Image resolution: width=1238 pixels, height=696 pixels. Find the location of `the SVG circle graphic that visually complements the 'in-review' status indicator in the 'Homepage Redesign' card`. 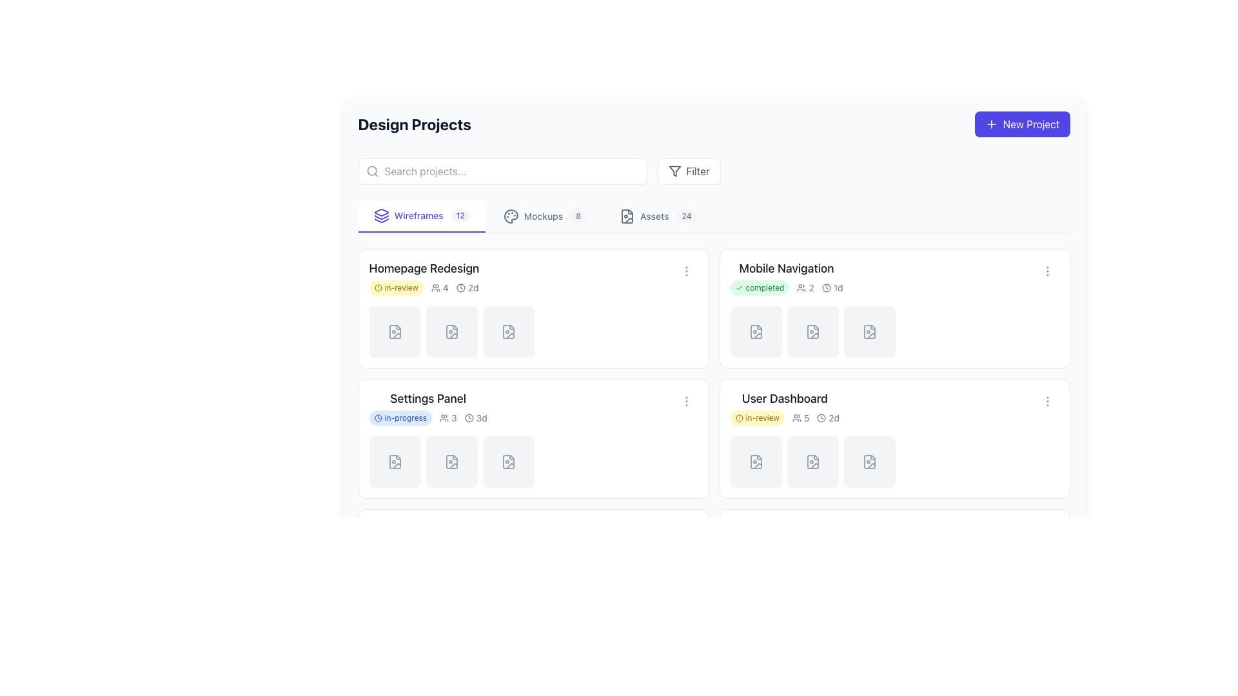

the SVG circle graphic that visually complements the 'in-review' status indicator in the 'Homepage Redesign' card is located at coordinates (377, 287).